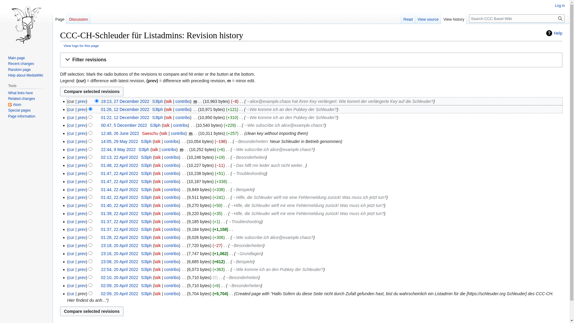 This screenshot has width=574, height=323. What do you see at coordinates (91, 91) in the screenshot?
I see `'Compare selected revisions'` at bounding box center [91, 91].